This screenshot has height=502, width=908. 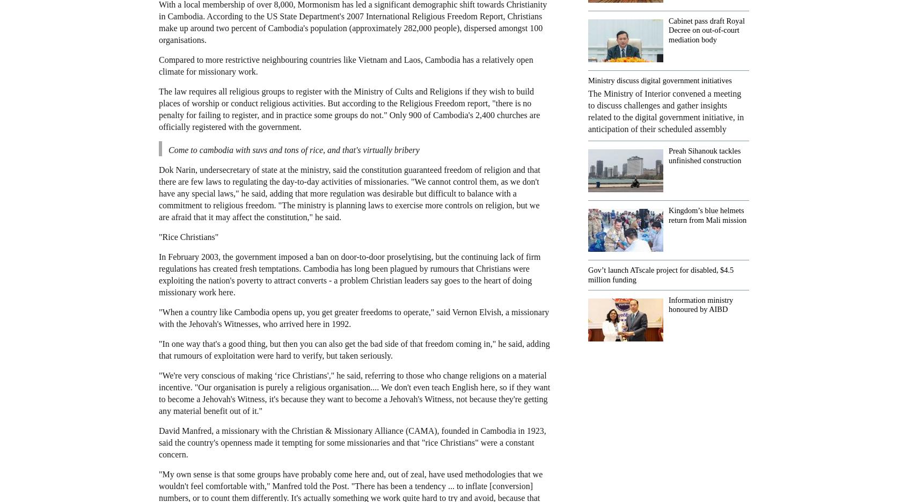 What do you see at coordinates (168, 149) in the screenshot?
I see `'Come to cambodia with suvs and tons of rice, and that's virtually bribery'` at bounding box center [168, 149].